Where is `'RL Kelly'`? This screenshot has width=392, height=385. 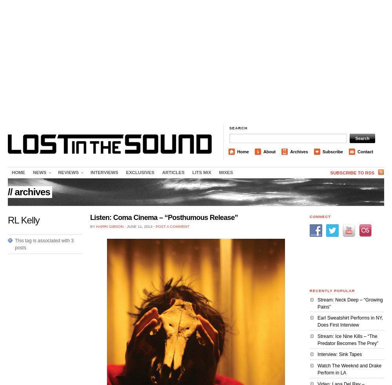 'RL Kelly' is located at coordinates (8, 220).